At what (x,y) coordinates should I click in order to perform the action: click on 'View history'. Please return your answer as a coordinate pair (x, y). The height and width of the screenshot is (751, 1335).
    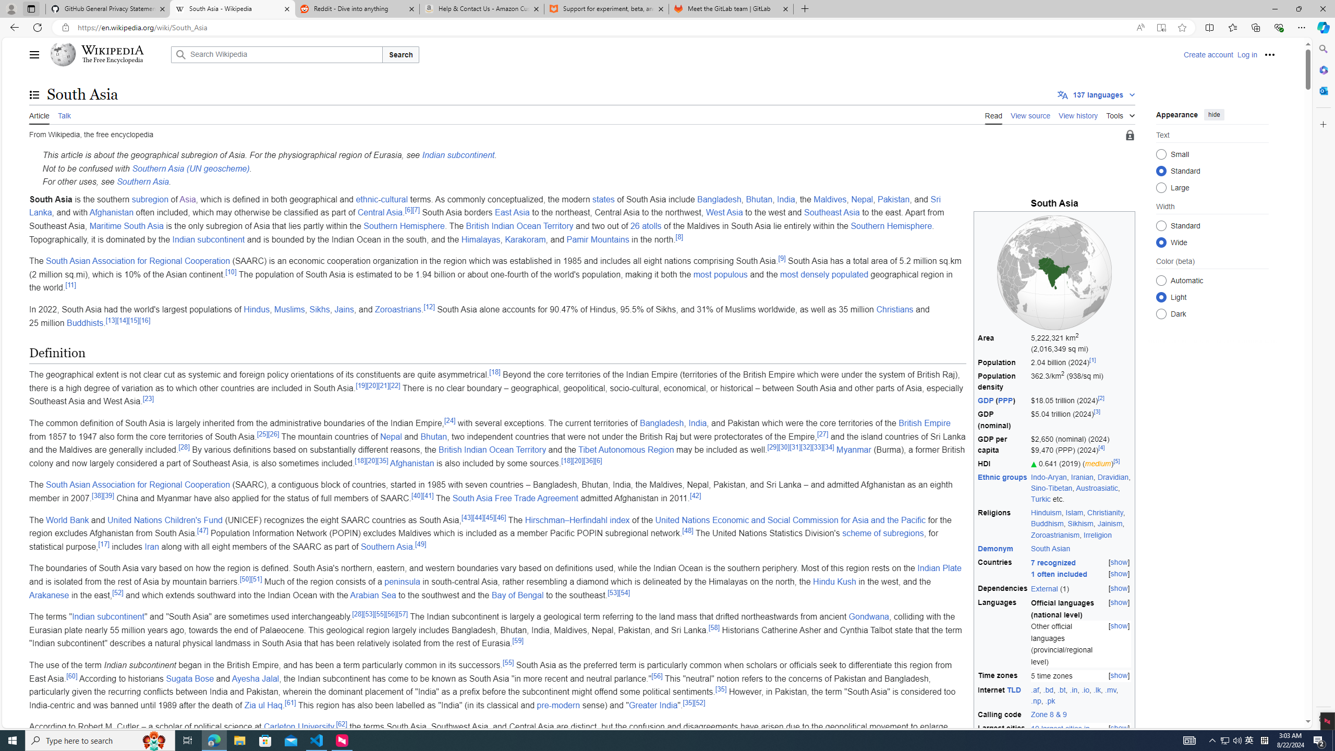
    Looking at the image, I should click on (1078, 114).